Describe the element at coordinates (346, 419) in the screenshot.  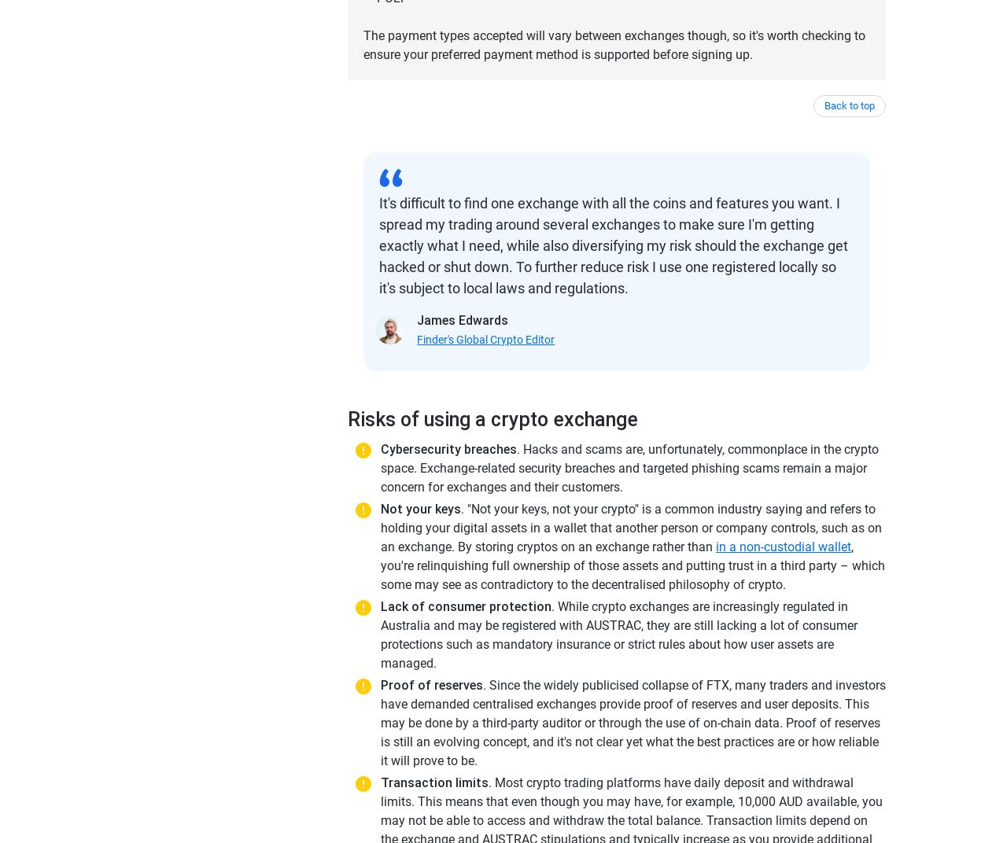
I see `'Risks of using a crypto exchange'` at that location.